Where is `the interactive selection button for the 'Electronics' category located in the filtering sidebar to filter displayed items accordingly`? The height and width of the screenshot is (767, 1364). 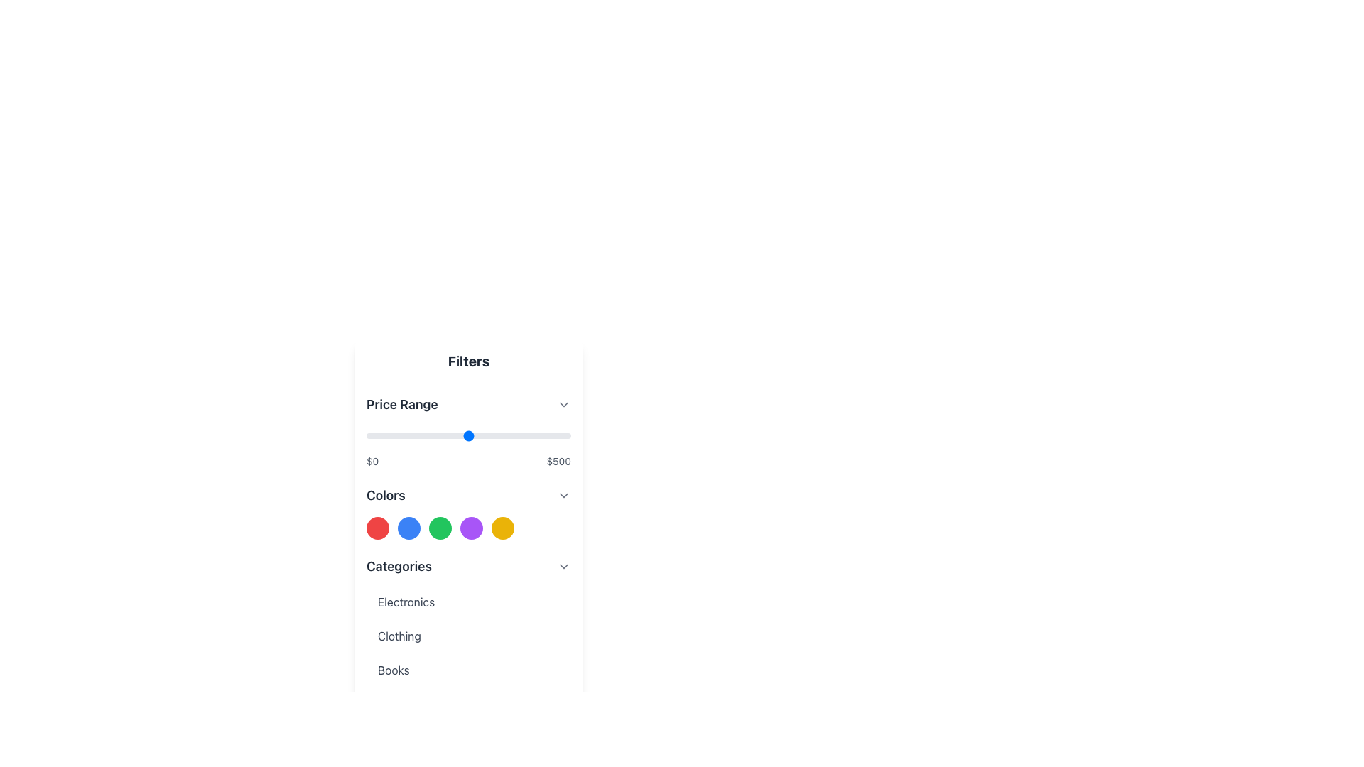
the interactive selection button for the 'Electronics' category located in the filtering sidebar to filter displayed items accordingly is located at coordinates (469, 602).